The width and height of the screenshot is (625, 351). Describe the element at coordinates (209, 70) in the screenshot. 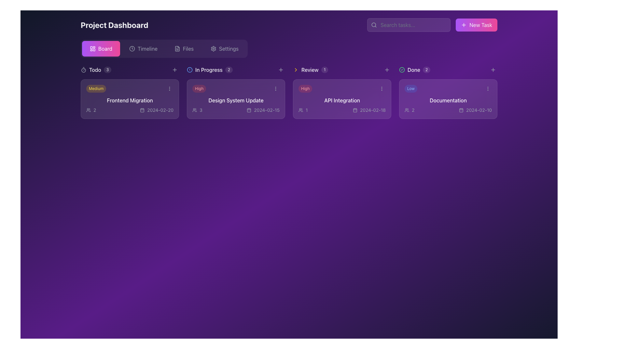

I see `the text label displaying 'In Progress' which is styled in medium-weight font and located under the 'Review' section in the task management interface` at that location.